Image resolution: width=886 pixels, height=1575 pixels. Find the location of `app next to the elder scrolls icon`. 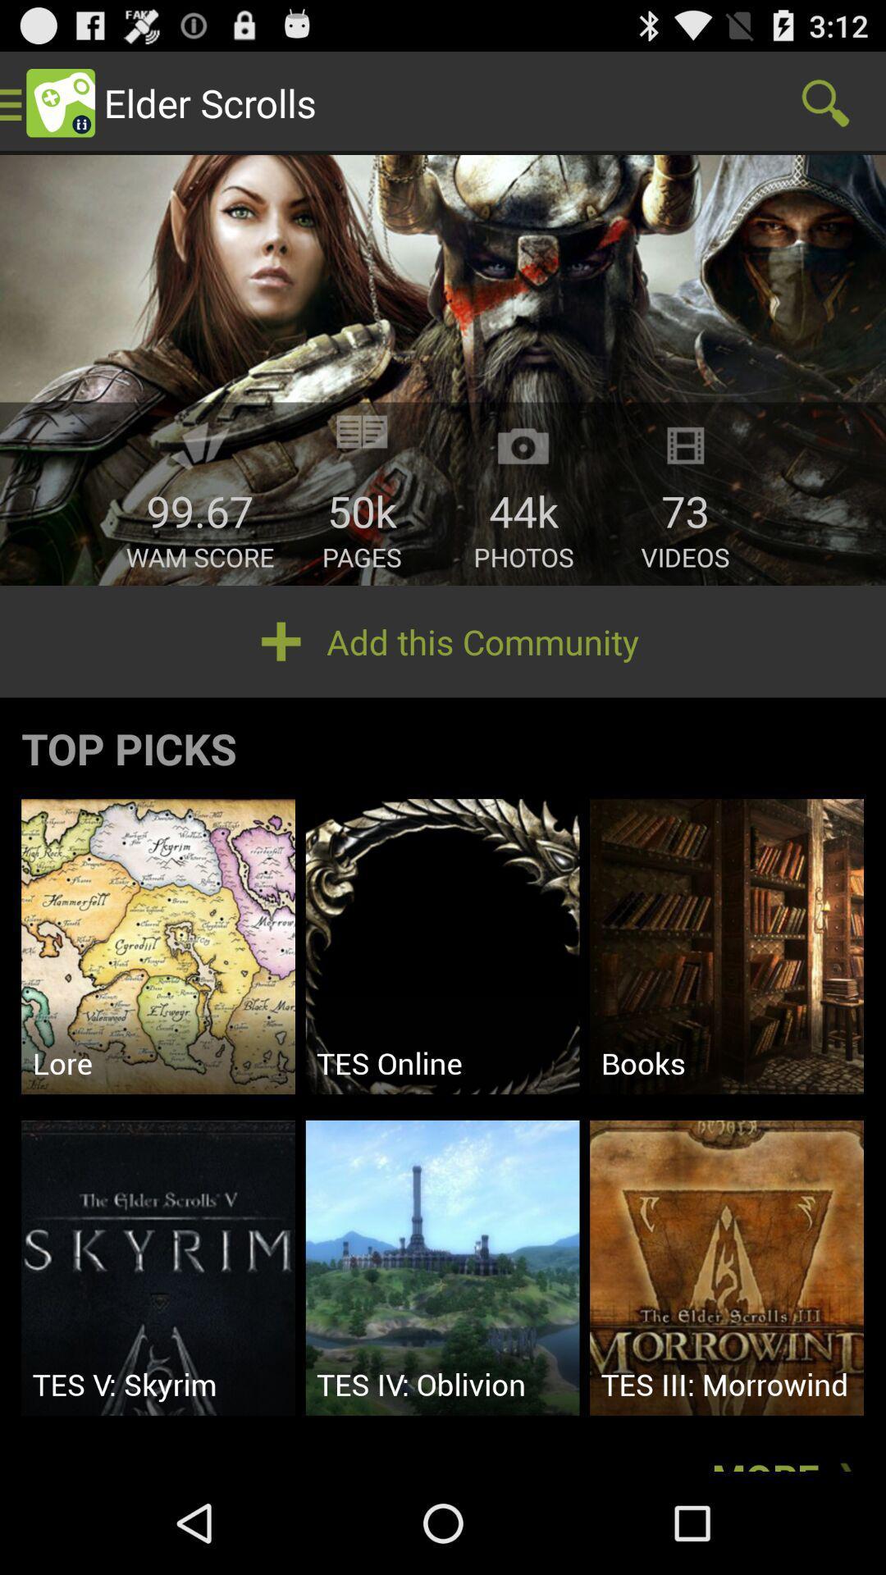

app next to the elder scrolls icon is located at coordinates (825, 102).